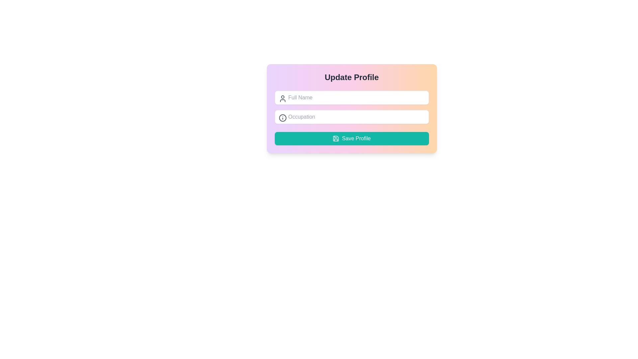  I want to click on the Text Label indicating the purpose of the save button, which is located inside a teal button below the 'Full Name' and 'Occupation' input fields, so click(356, 138).